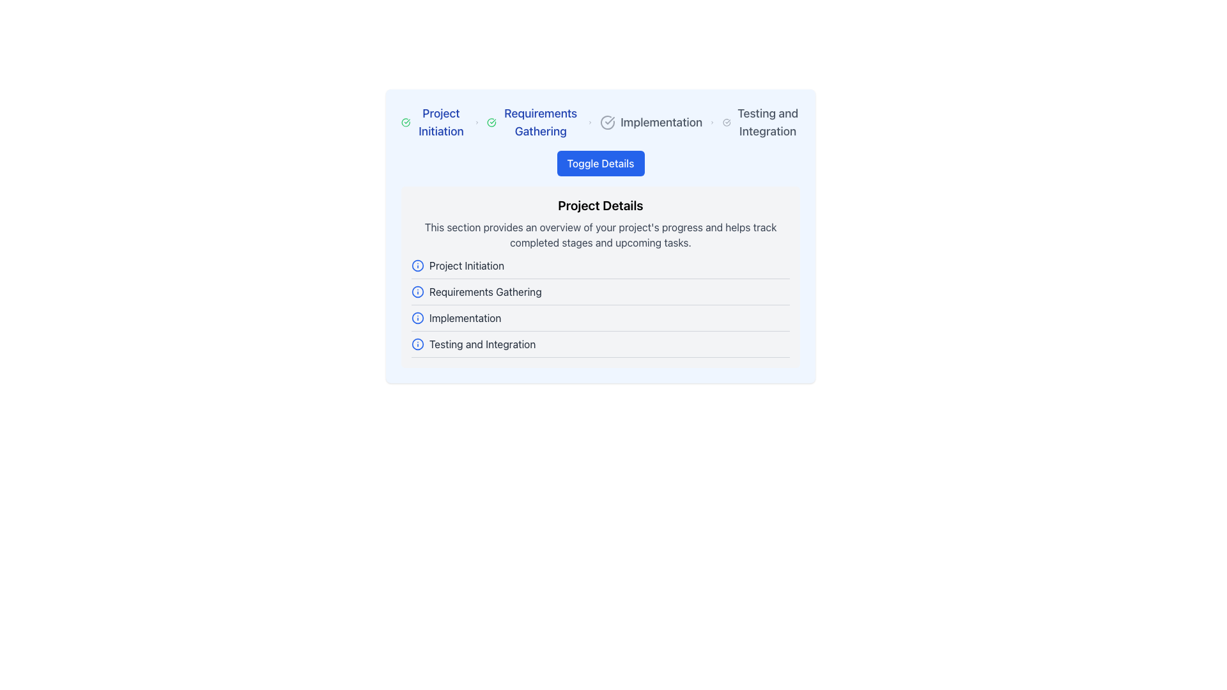  What do you see at coordinates (541, 123) in the screenshot?
I see `bold blue text label 'Requirements Gathering' located in the header segment of the interface, prominently displayed in a larger font` at bounding box center [541, 123].